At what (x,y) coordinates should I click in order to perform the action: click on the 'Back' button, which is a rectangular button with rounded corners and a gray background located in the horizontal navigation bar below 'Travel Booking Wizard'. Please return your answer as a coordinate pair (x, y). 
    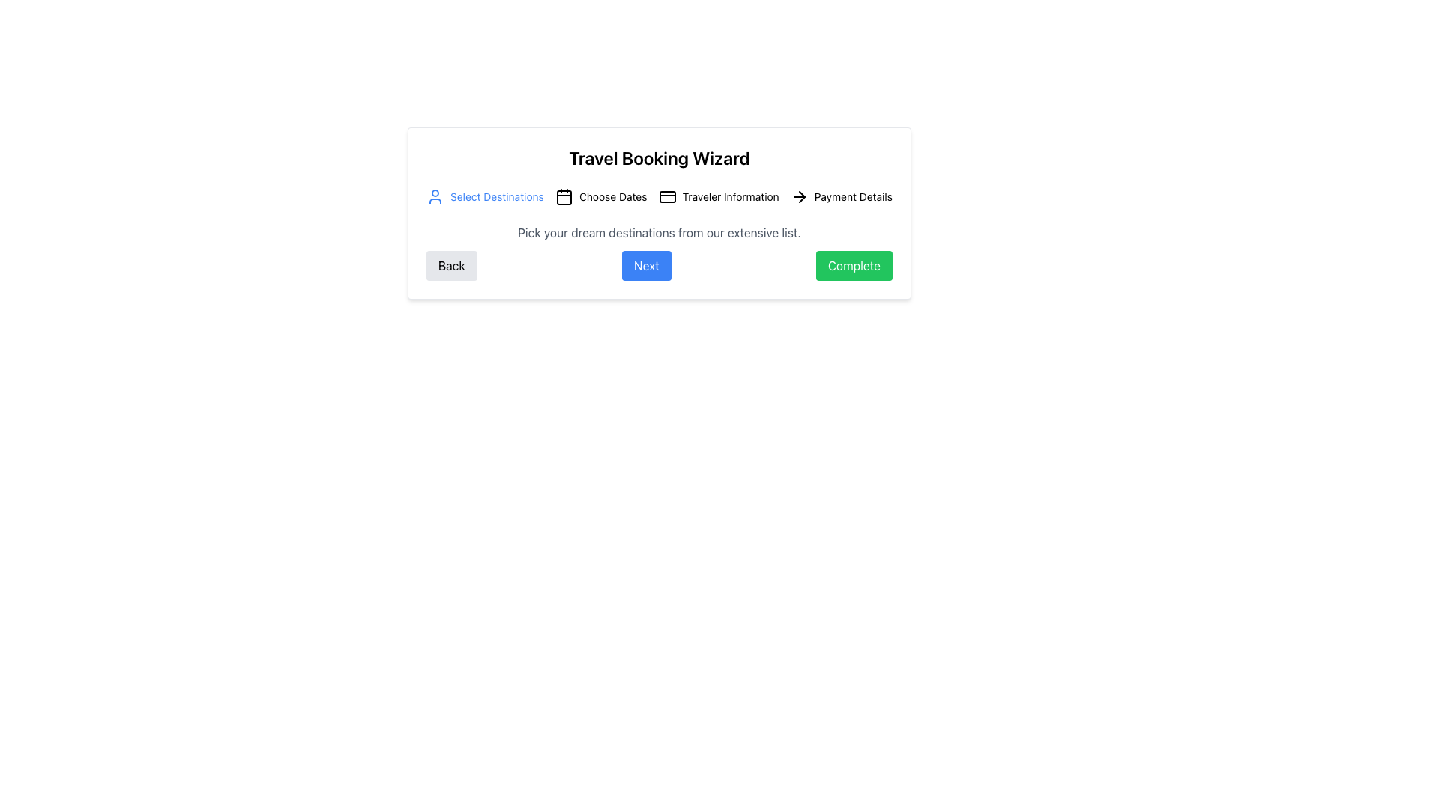
    Looking at the image, I should click on (450, 264).